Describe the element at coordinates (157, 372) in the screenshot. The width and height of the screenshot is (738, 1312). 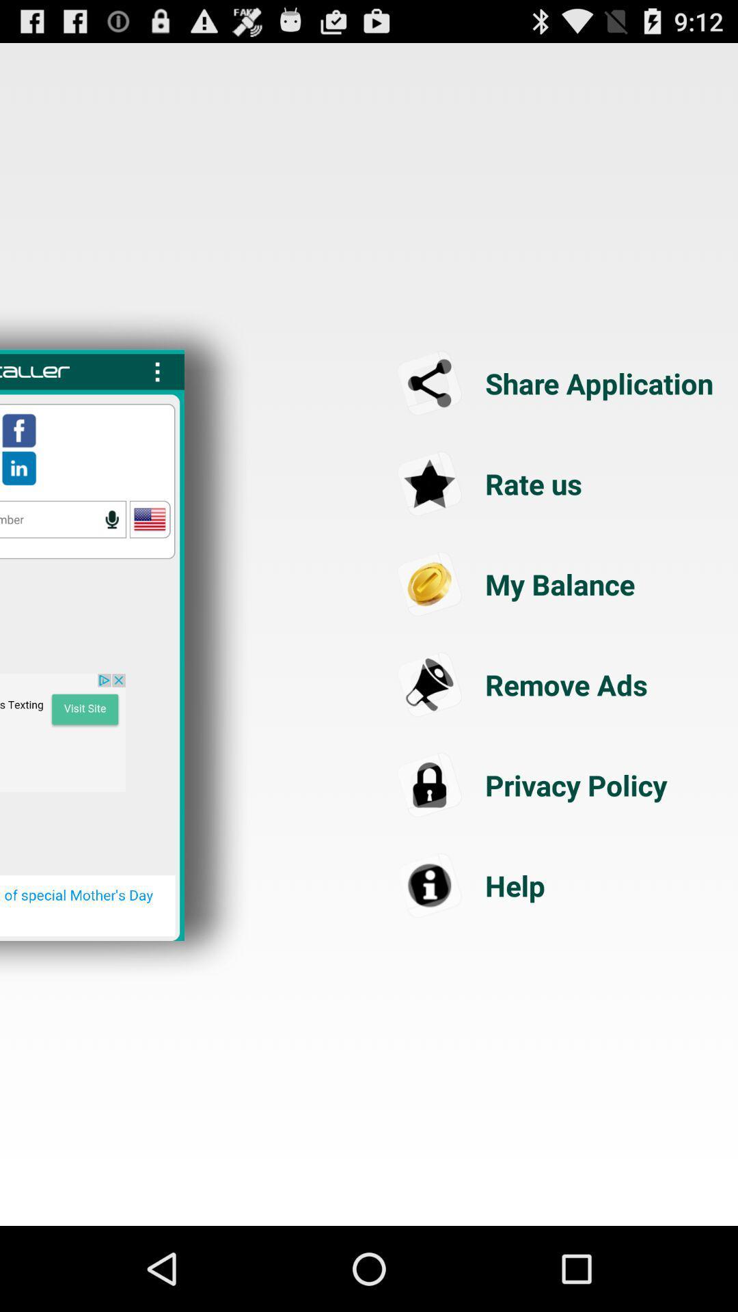
I see `the more options icon` at that location.